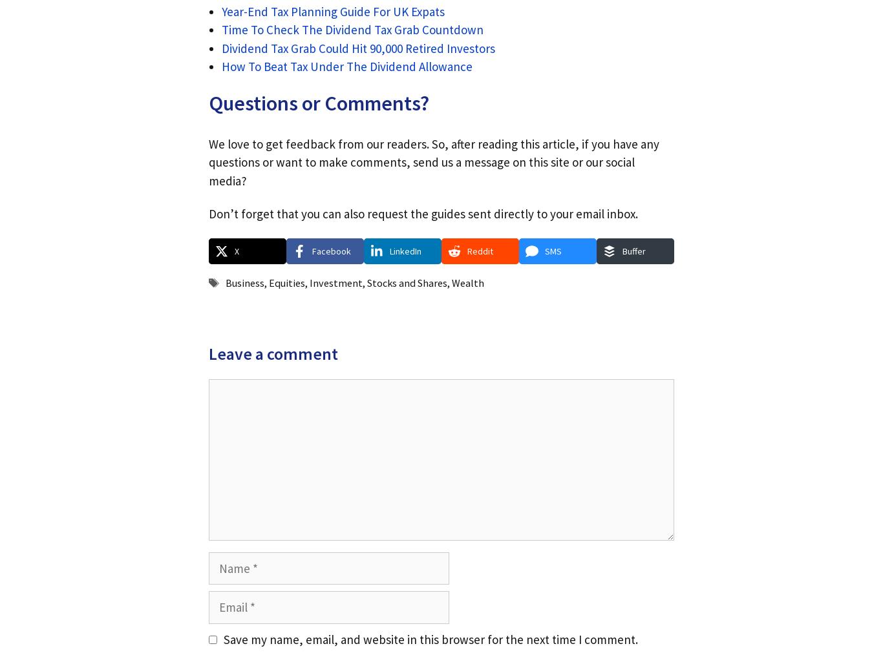 This screenshot has height=655, width=883. What do you see at coordinates (346, 67) in the screenshot?
I see `'How To Beat Tax Under The Dividend Allowance'` at bounding box center [346, 67].